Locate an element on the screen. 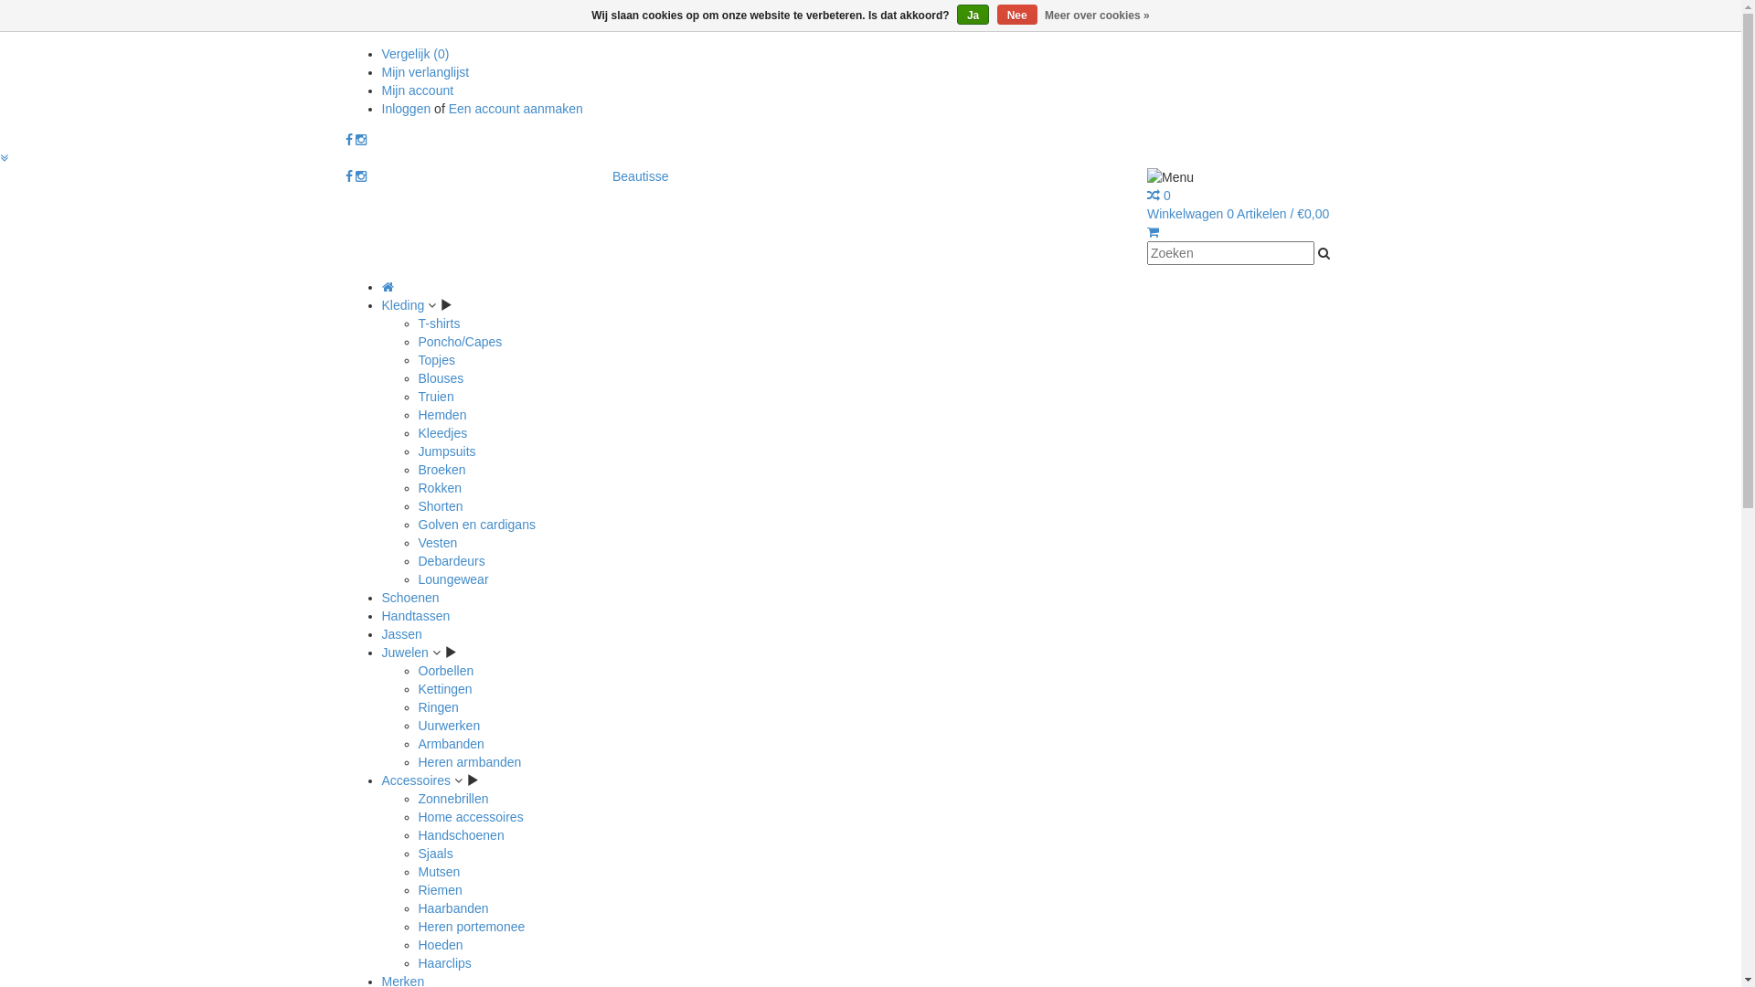  'Handschoenen' is located at coordinates (461, 835).